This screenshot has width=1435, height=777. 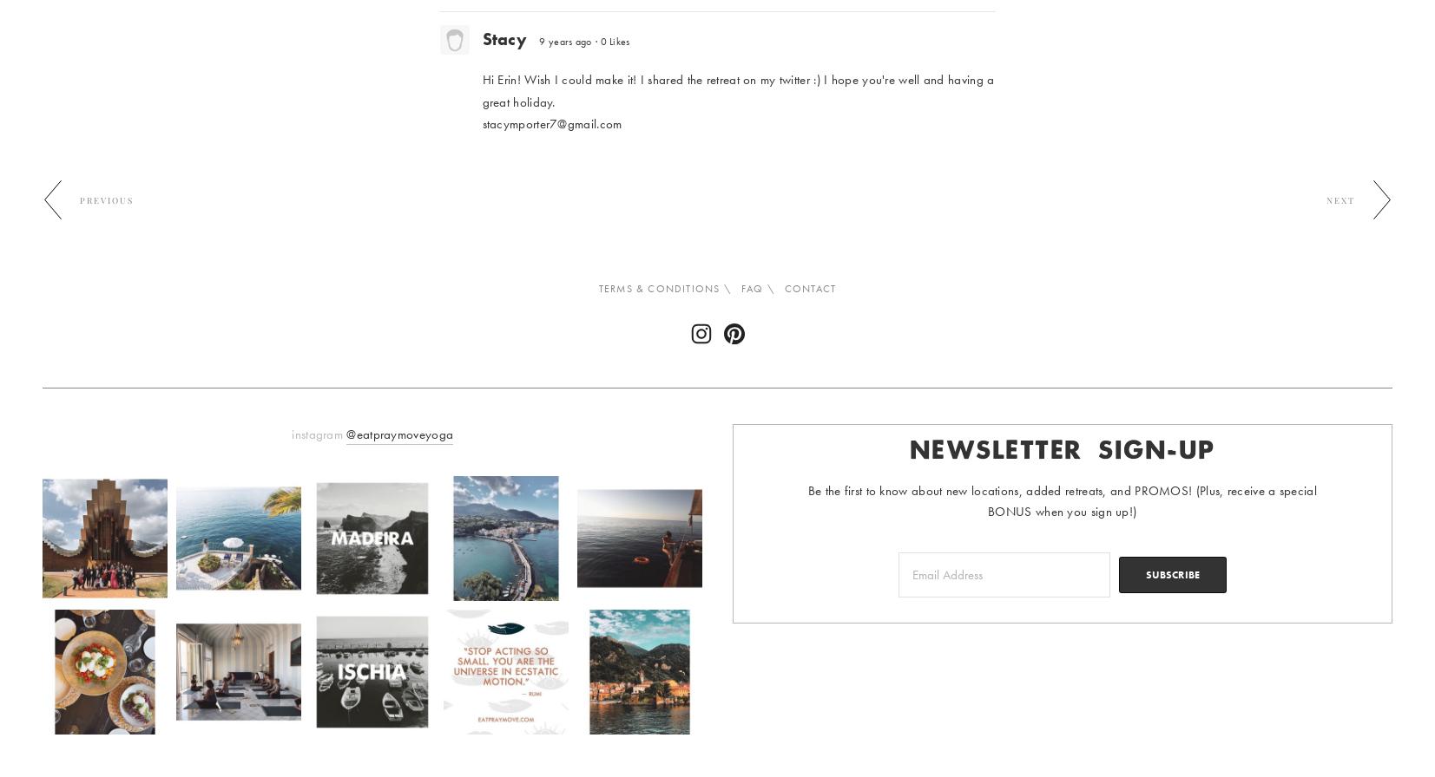 What do you see at coordinates (1062, 501) in the screenshot?
I see `'Be the first to know about new locations, added retreats, and PROMOS! (Plus, receive a special BONUS when you sign up!)'` at bounding box center [1062, 501].